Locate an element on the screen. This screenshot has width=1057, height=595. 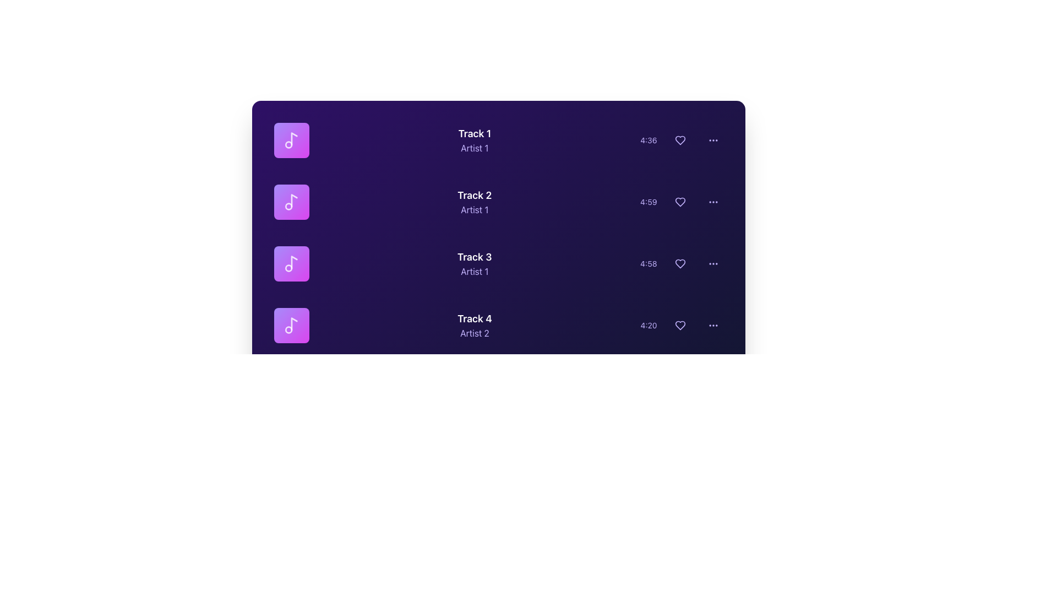
the second interactive 'like' button/icon located to the right of the second track's details is located at coordinates (679, 202).